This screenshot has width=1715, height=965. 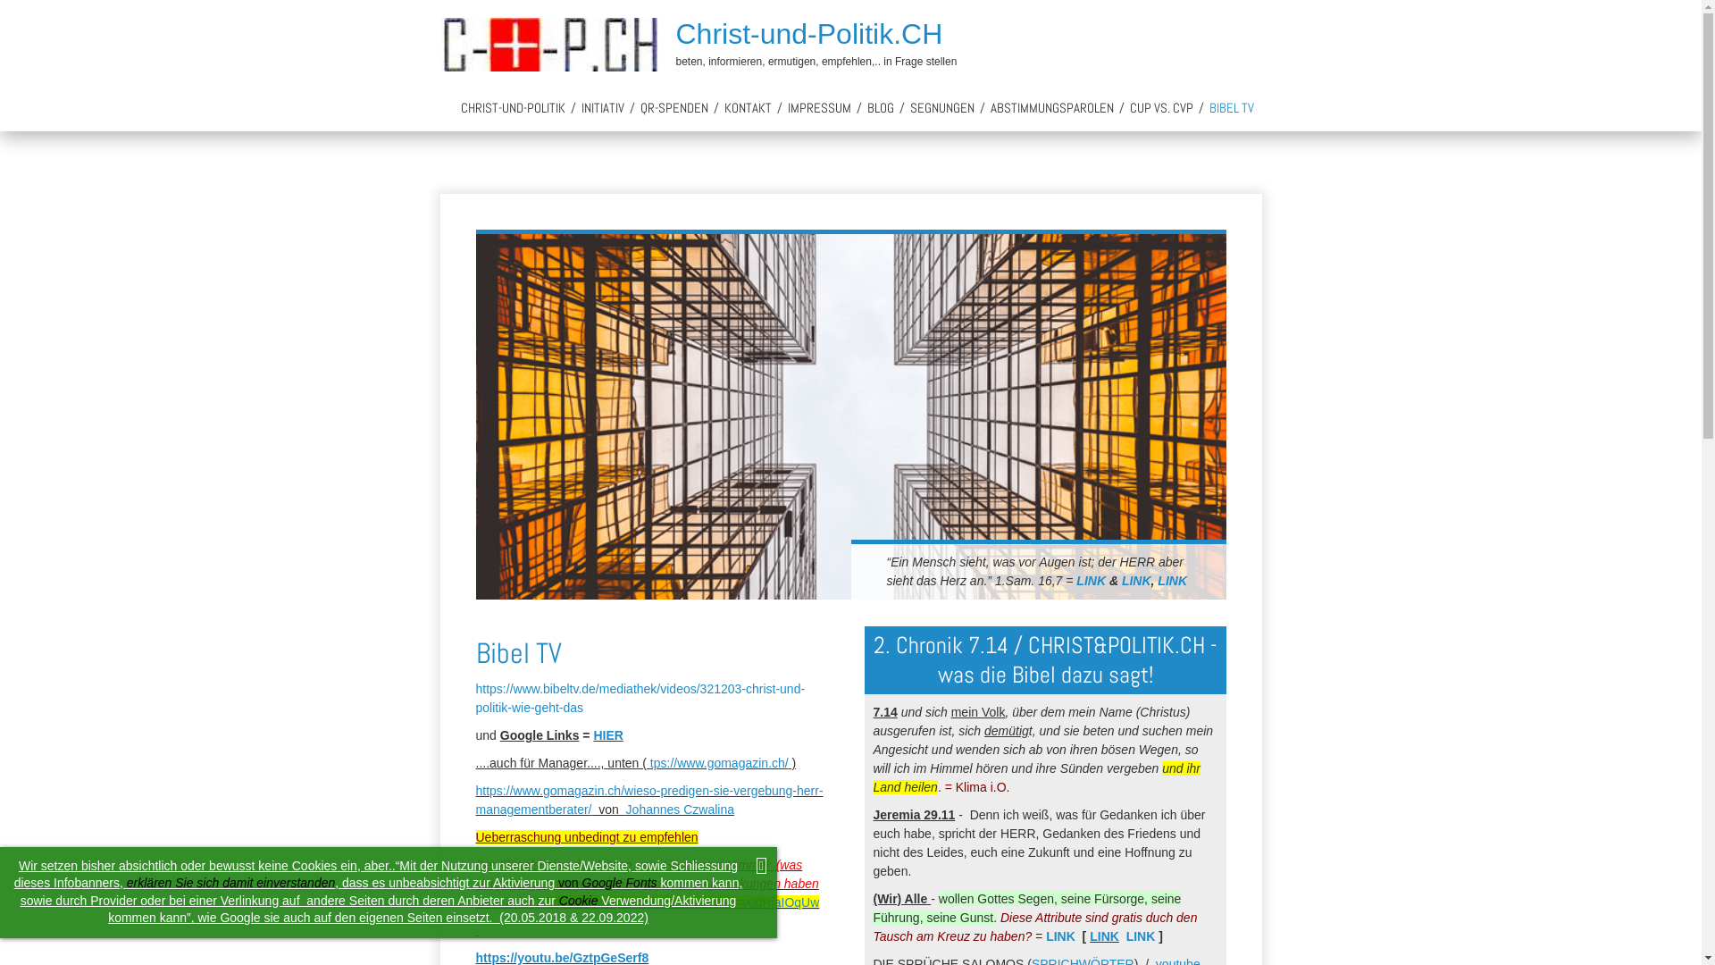 What do you see at coordinates (1126, 107) in the screenshot?
I see `'CUP VS. CVP'` at bounding box center [1126, 107].